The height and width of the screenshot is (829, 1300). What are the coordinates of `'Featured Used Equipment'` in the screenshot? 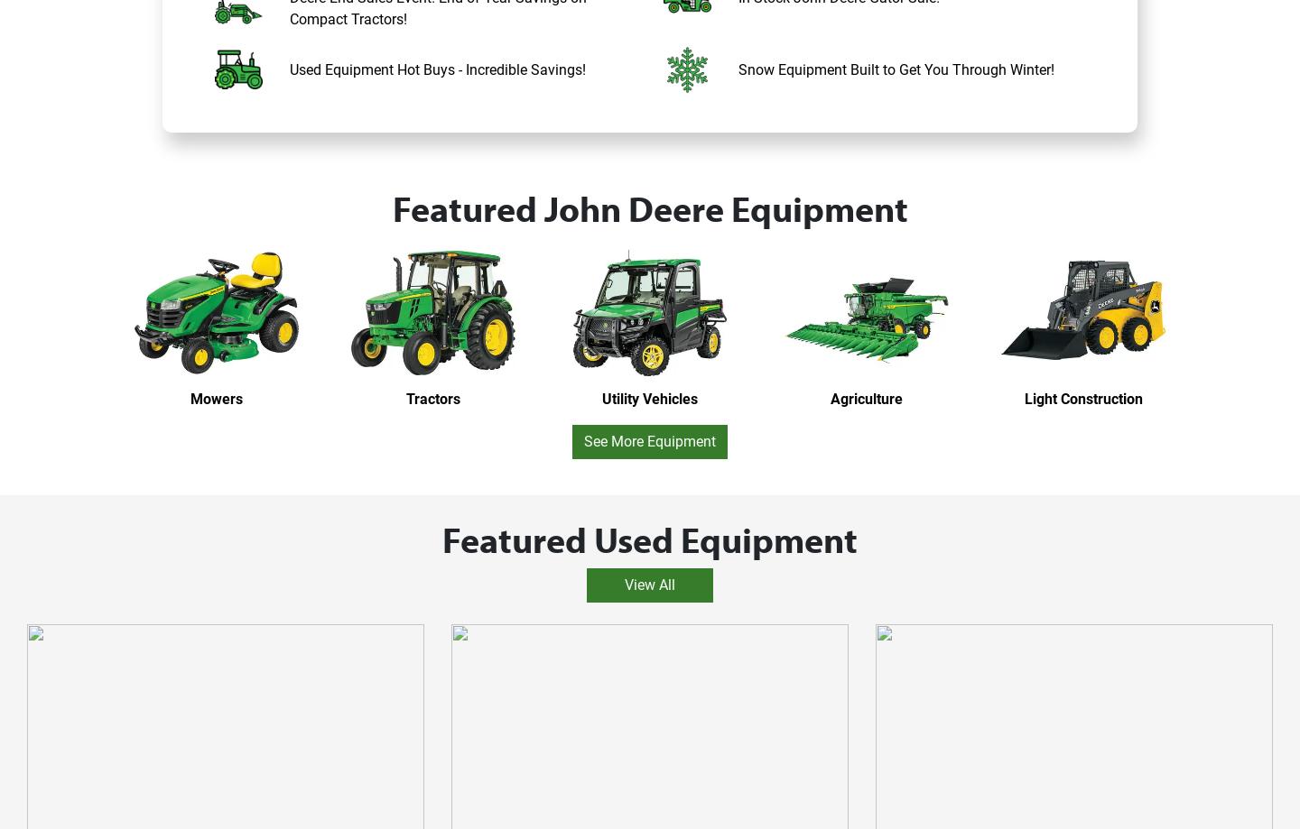 It's located at (441, 538).